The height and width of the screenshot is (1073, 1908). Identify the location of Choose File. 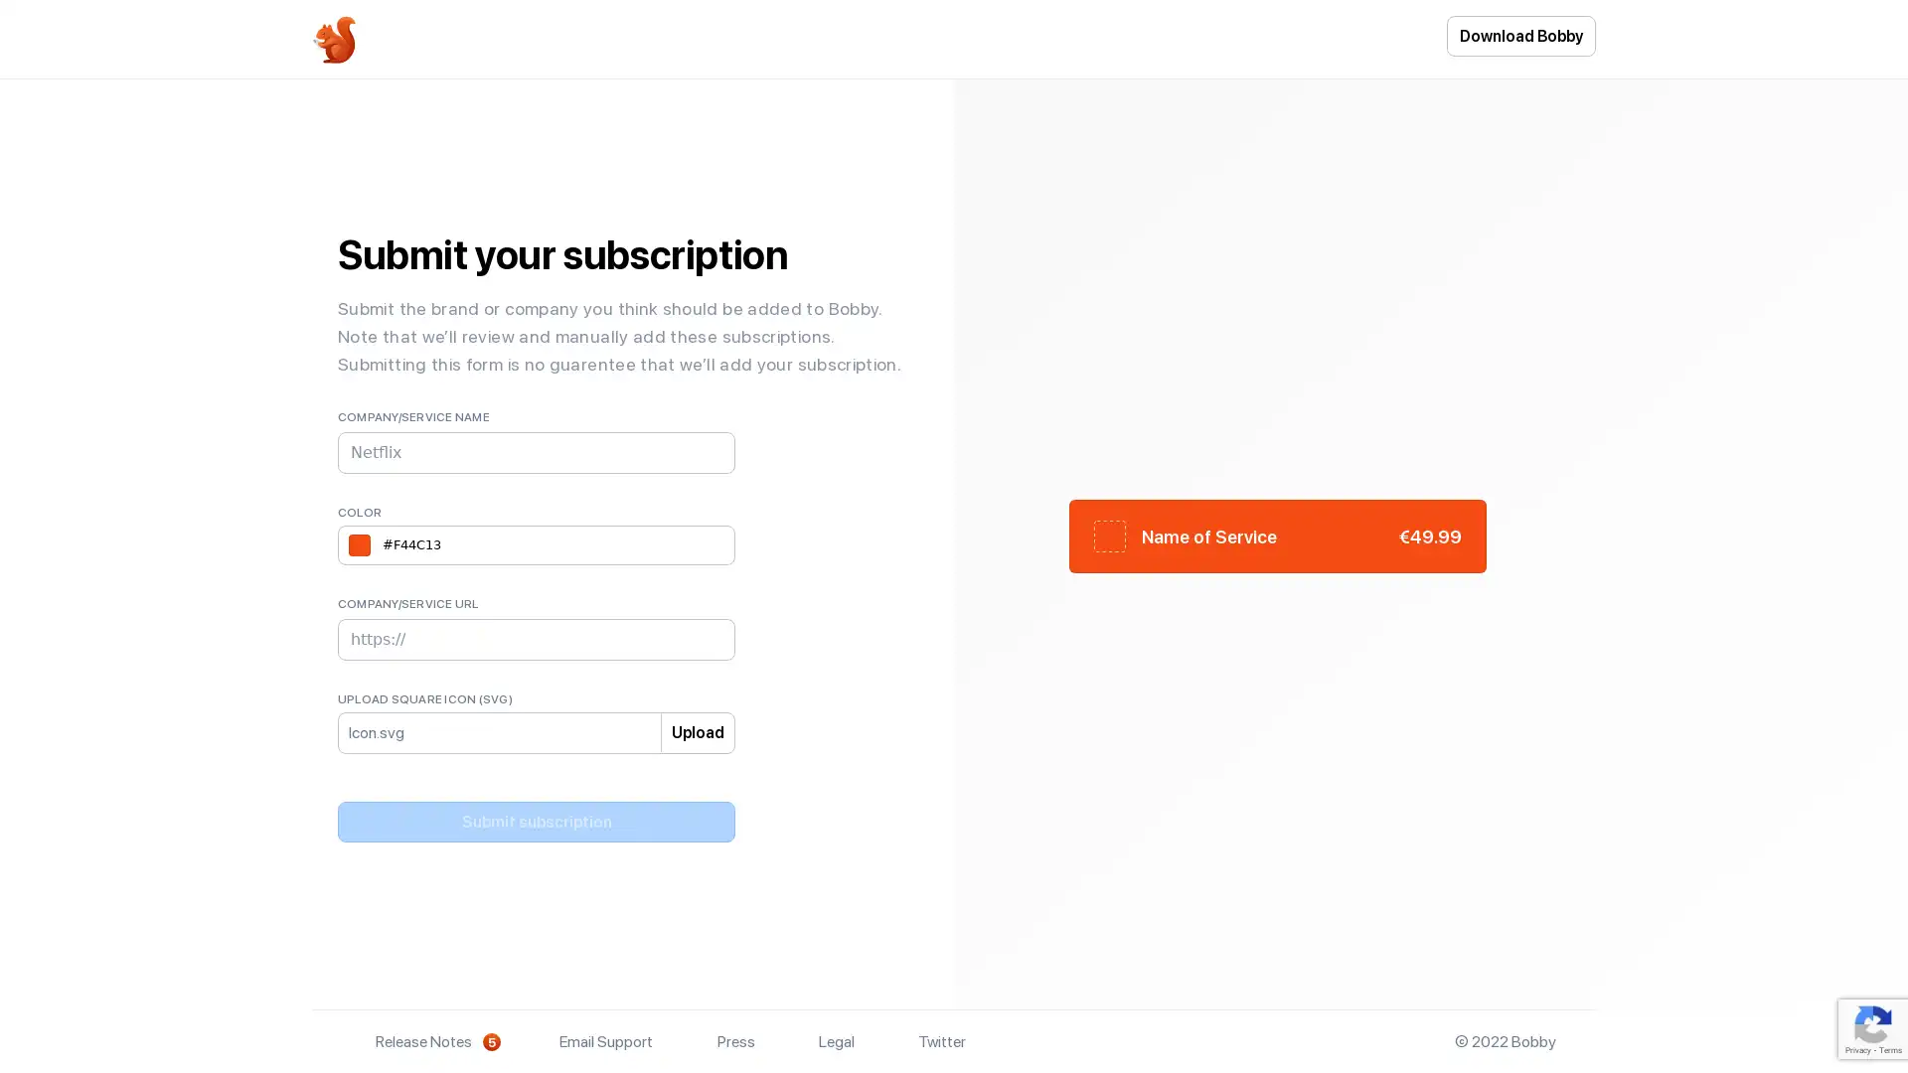
(413, 745).